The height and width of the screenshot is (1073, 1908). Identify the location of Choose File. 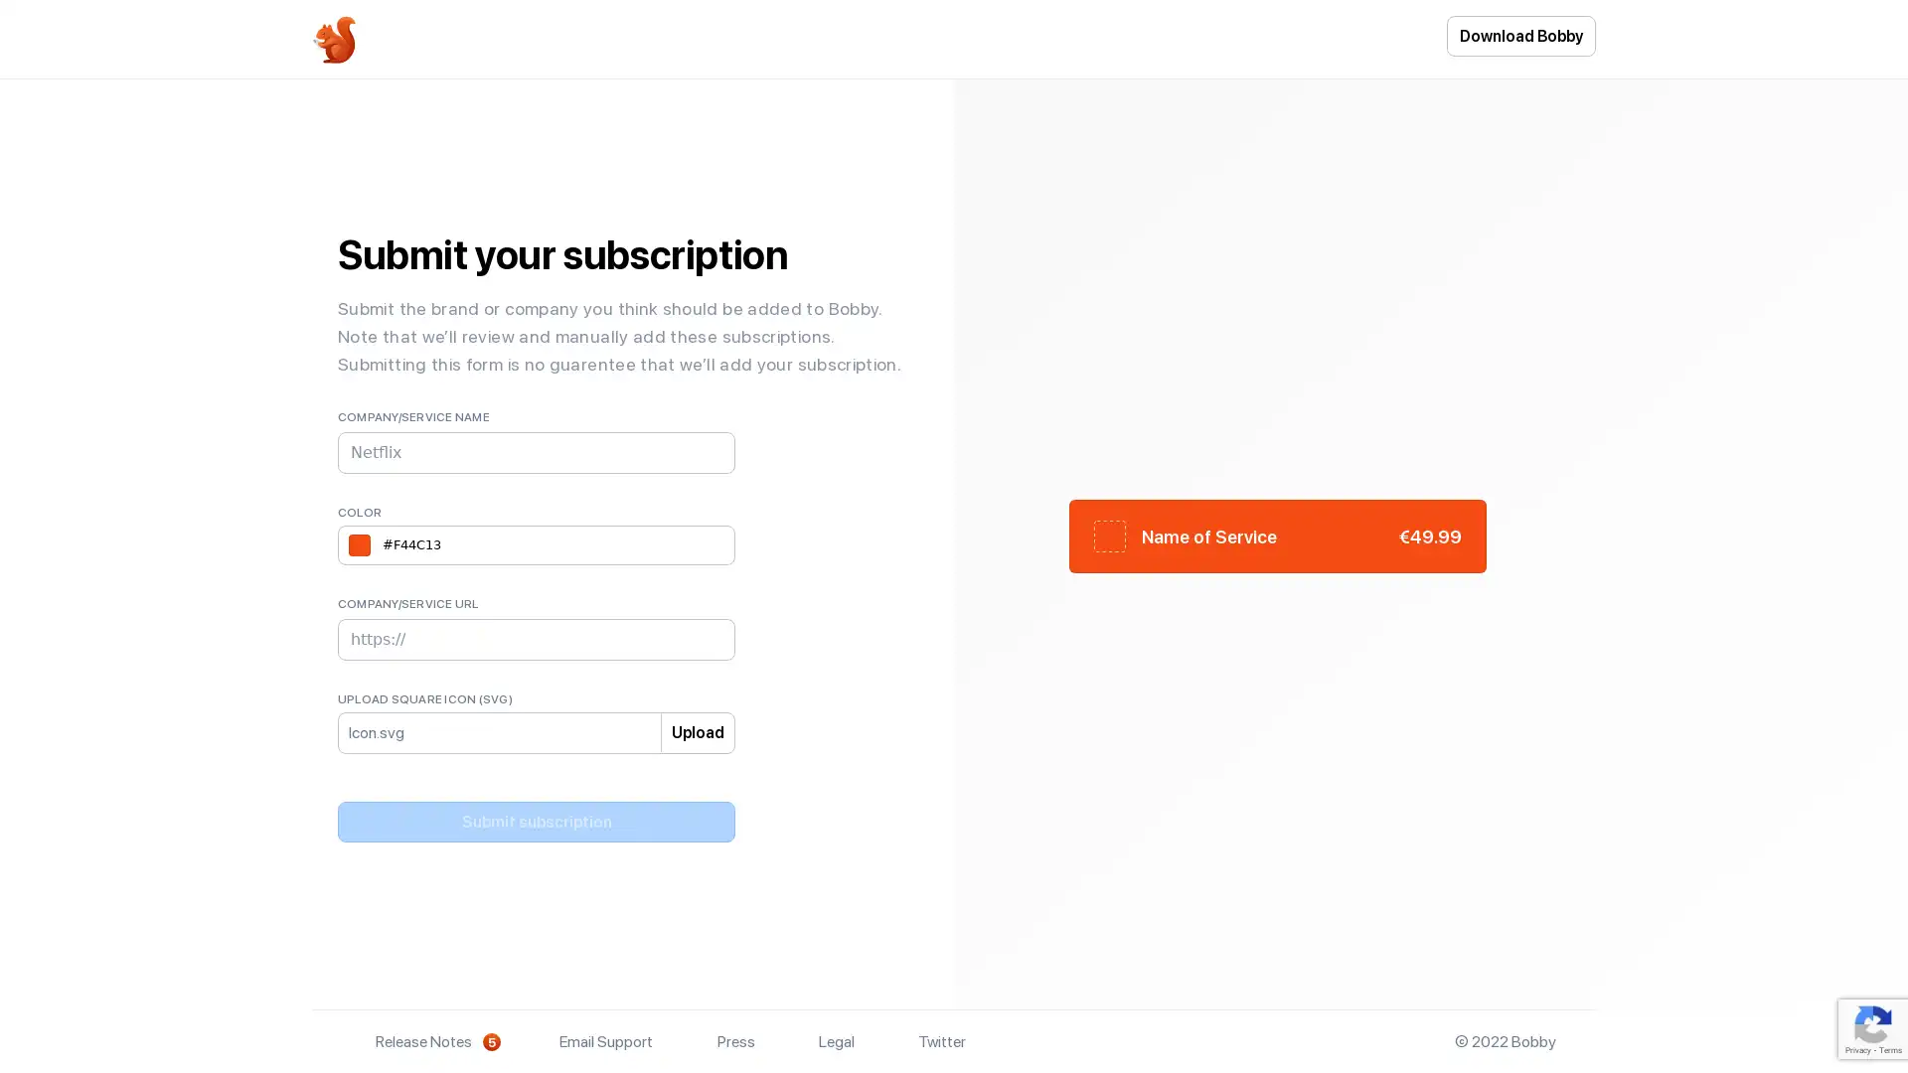
(413, 745).